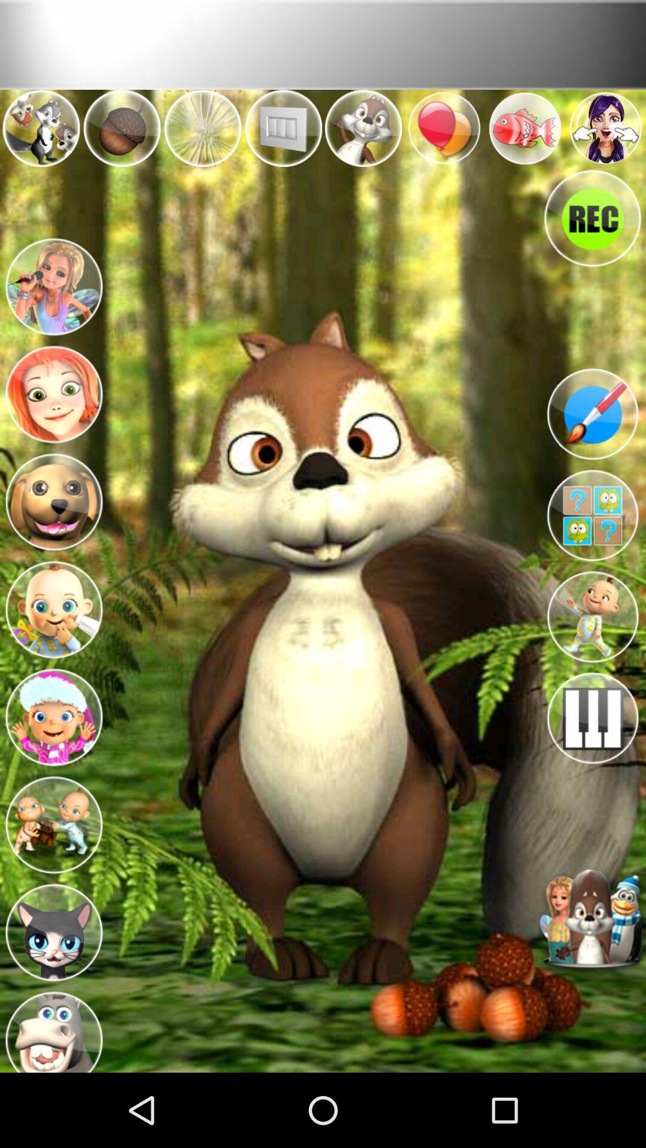 The image size is (646, 1148). I want to click on choose paint, so click(592, 414).